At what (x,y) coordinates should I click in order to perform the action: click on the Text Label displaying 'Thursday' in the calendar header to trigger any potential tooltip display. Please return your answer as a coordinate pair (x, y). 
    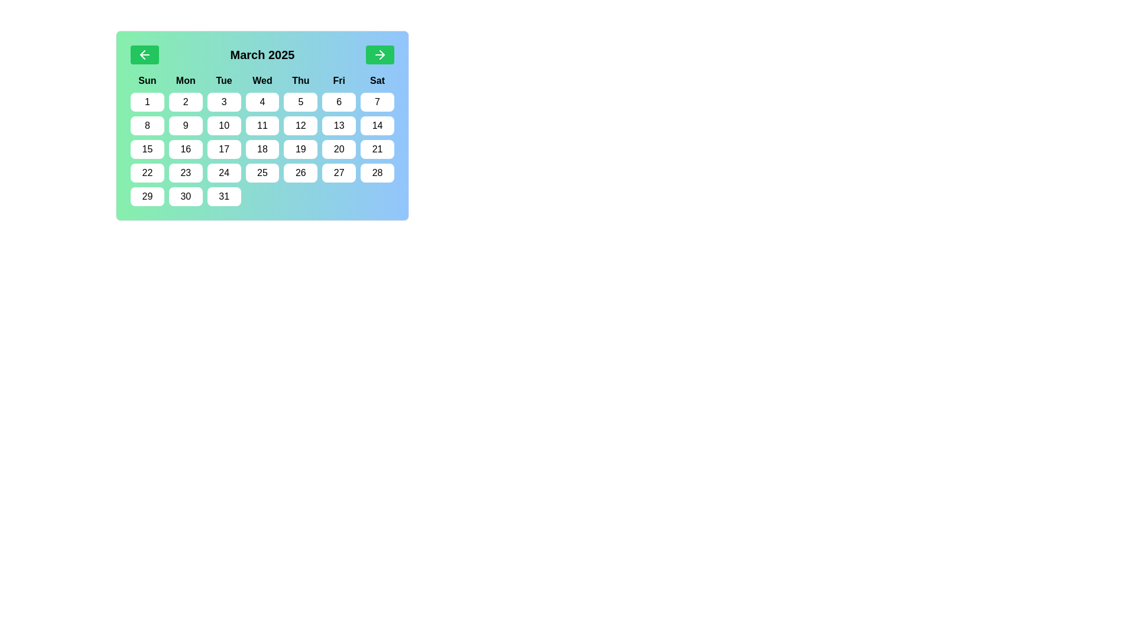
    Looking at the image, I should click on (300, 80).